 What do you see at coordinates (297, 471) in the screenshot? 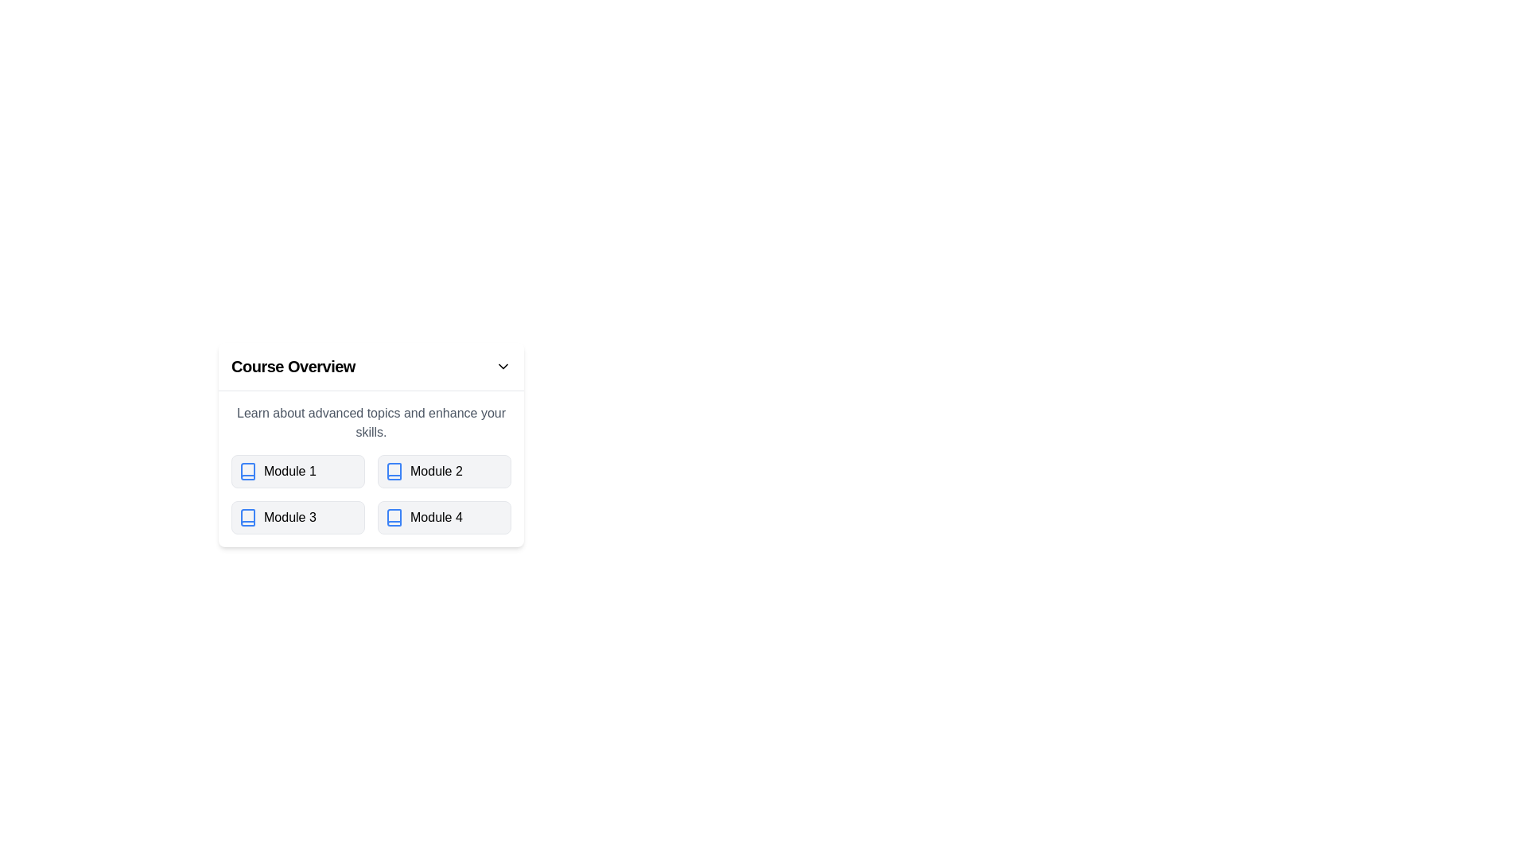
I see `the interactive button for 'Module 1' located in the top-left of the 'Course Overview' section` at bounding box center [297, 471].